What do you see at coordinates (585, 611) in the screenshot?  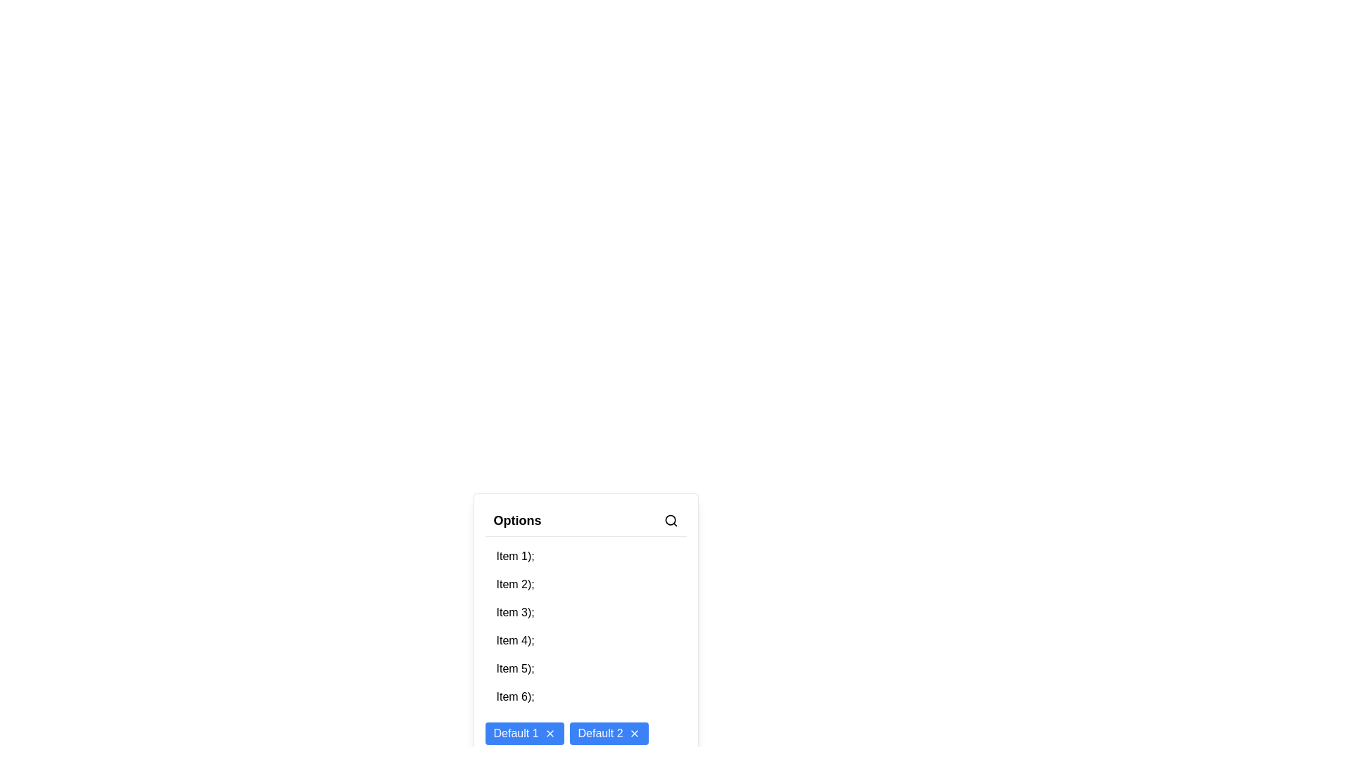 I see `the third item in the vertical list of selectable options, visually suggesting it could be clicked or highlighted` at bounding box center [585, 611].